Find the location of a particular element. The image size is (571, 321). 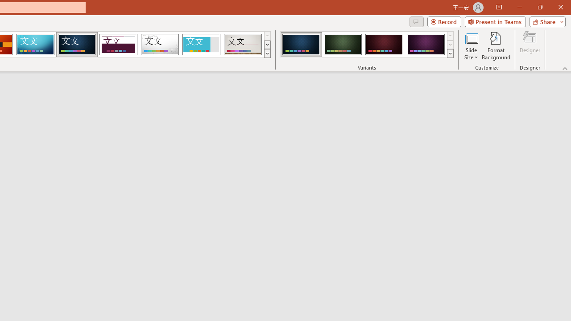

'Damask Variant 4' is located at coordinates (425, 45).